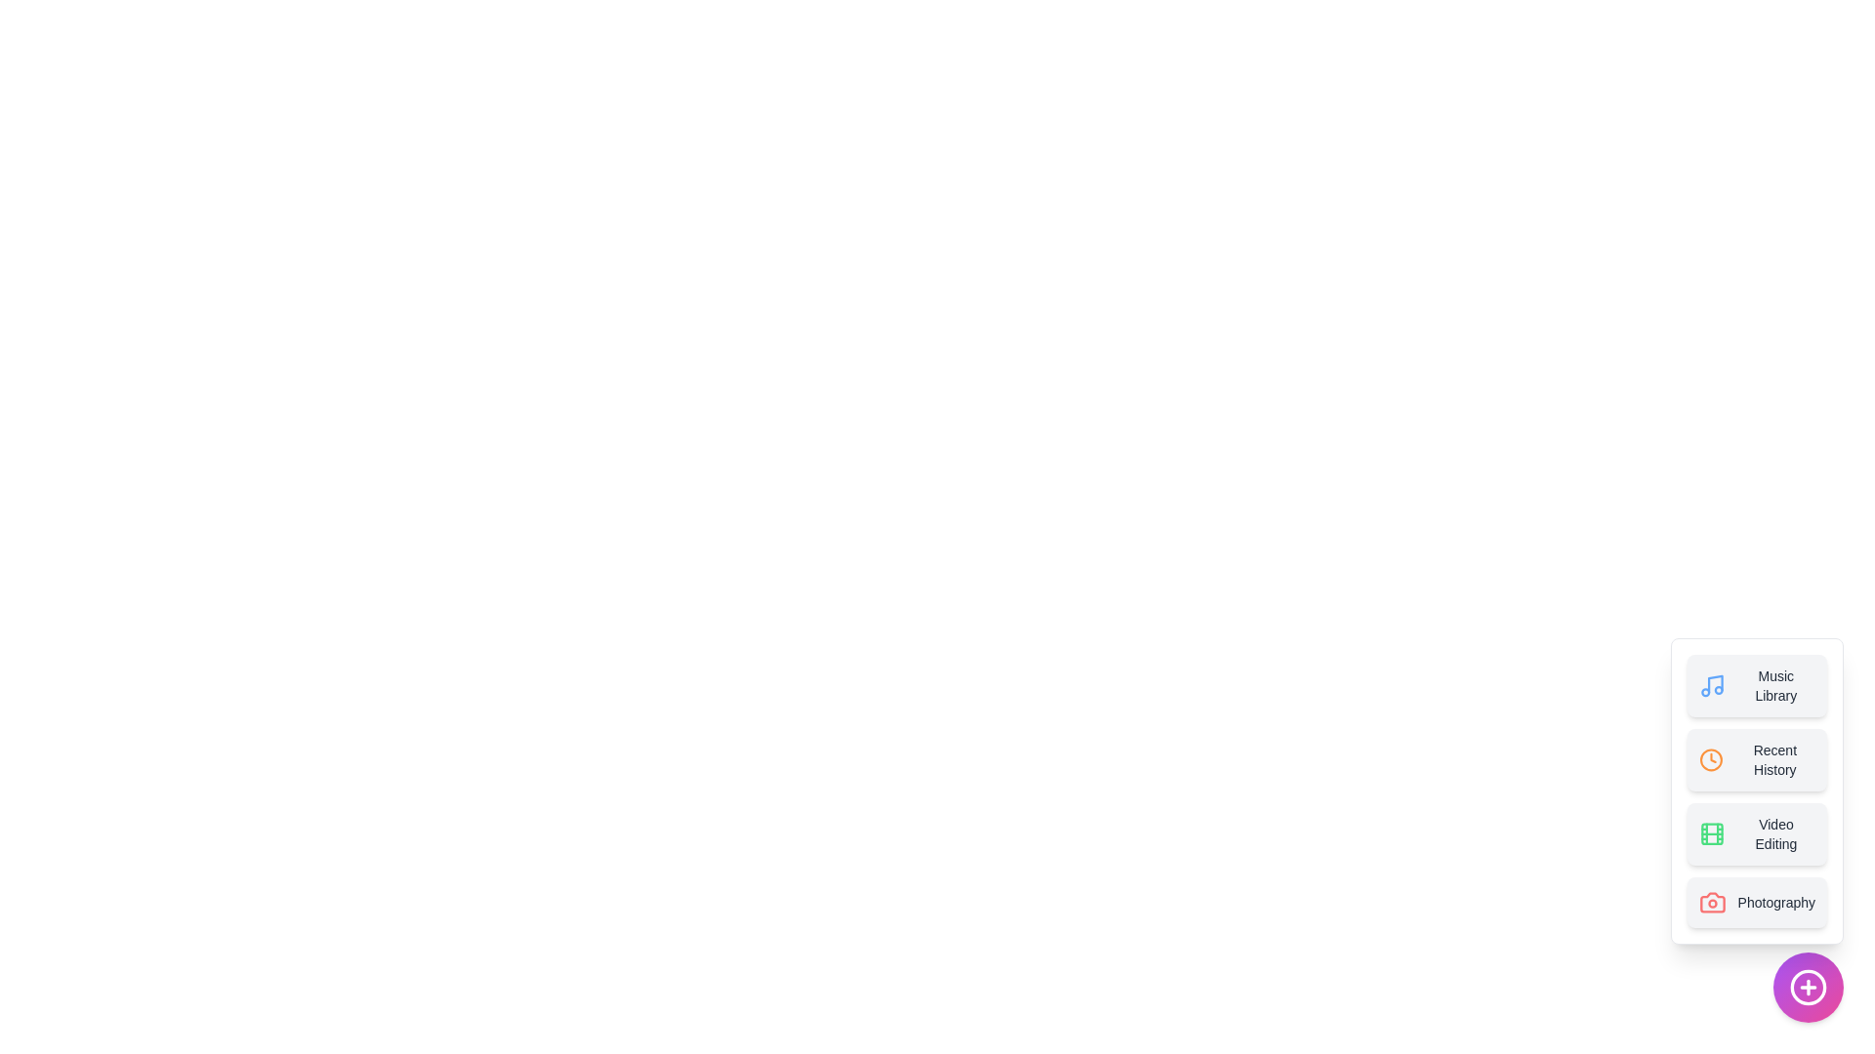  I want to click on the main button to toggle the menu visibility, so click(1808, 987).